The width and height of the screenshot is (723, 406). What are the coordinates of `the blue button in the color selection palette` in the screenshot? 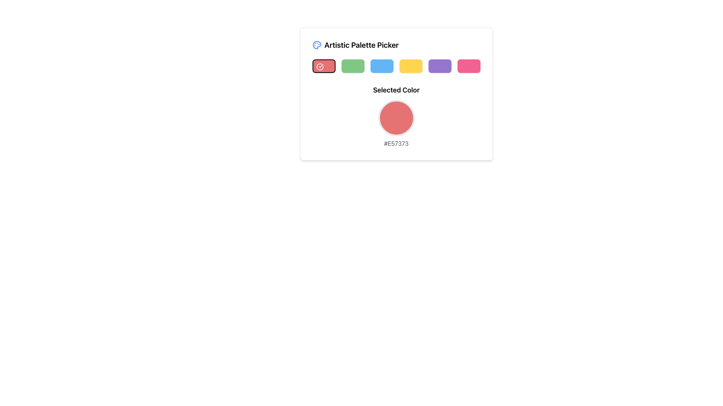 It's located at (381, 66).